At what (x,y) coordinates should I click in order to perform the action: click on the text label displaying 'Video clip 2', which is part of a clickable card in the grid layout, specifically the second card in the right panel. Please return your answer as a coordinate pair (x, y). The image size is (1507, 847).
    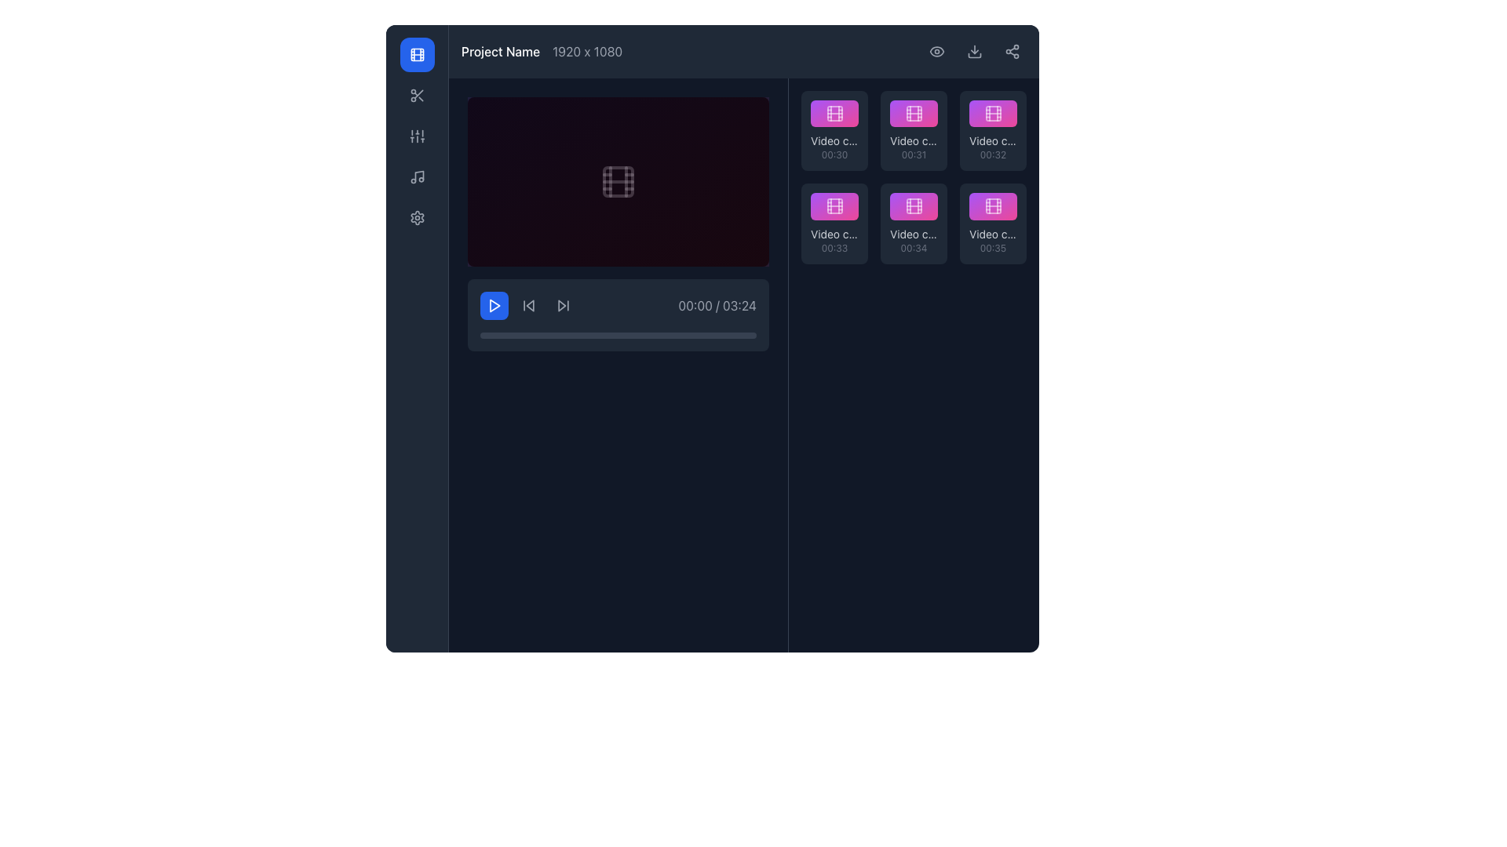
    Looking at the image, I should click on (914, 141).